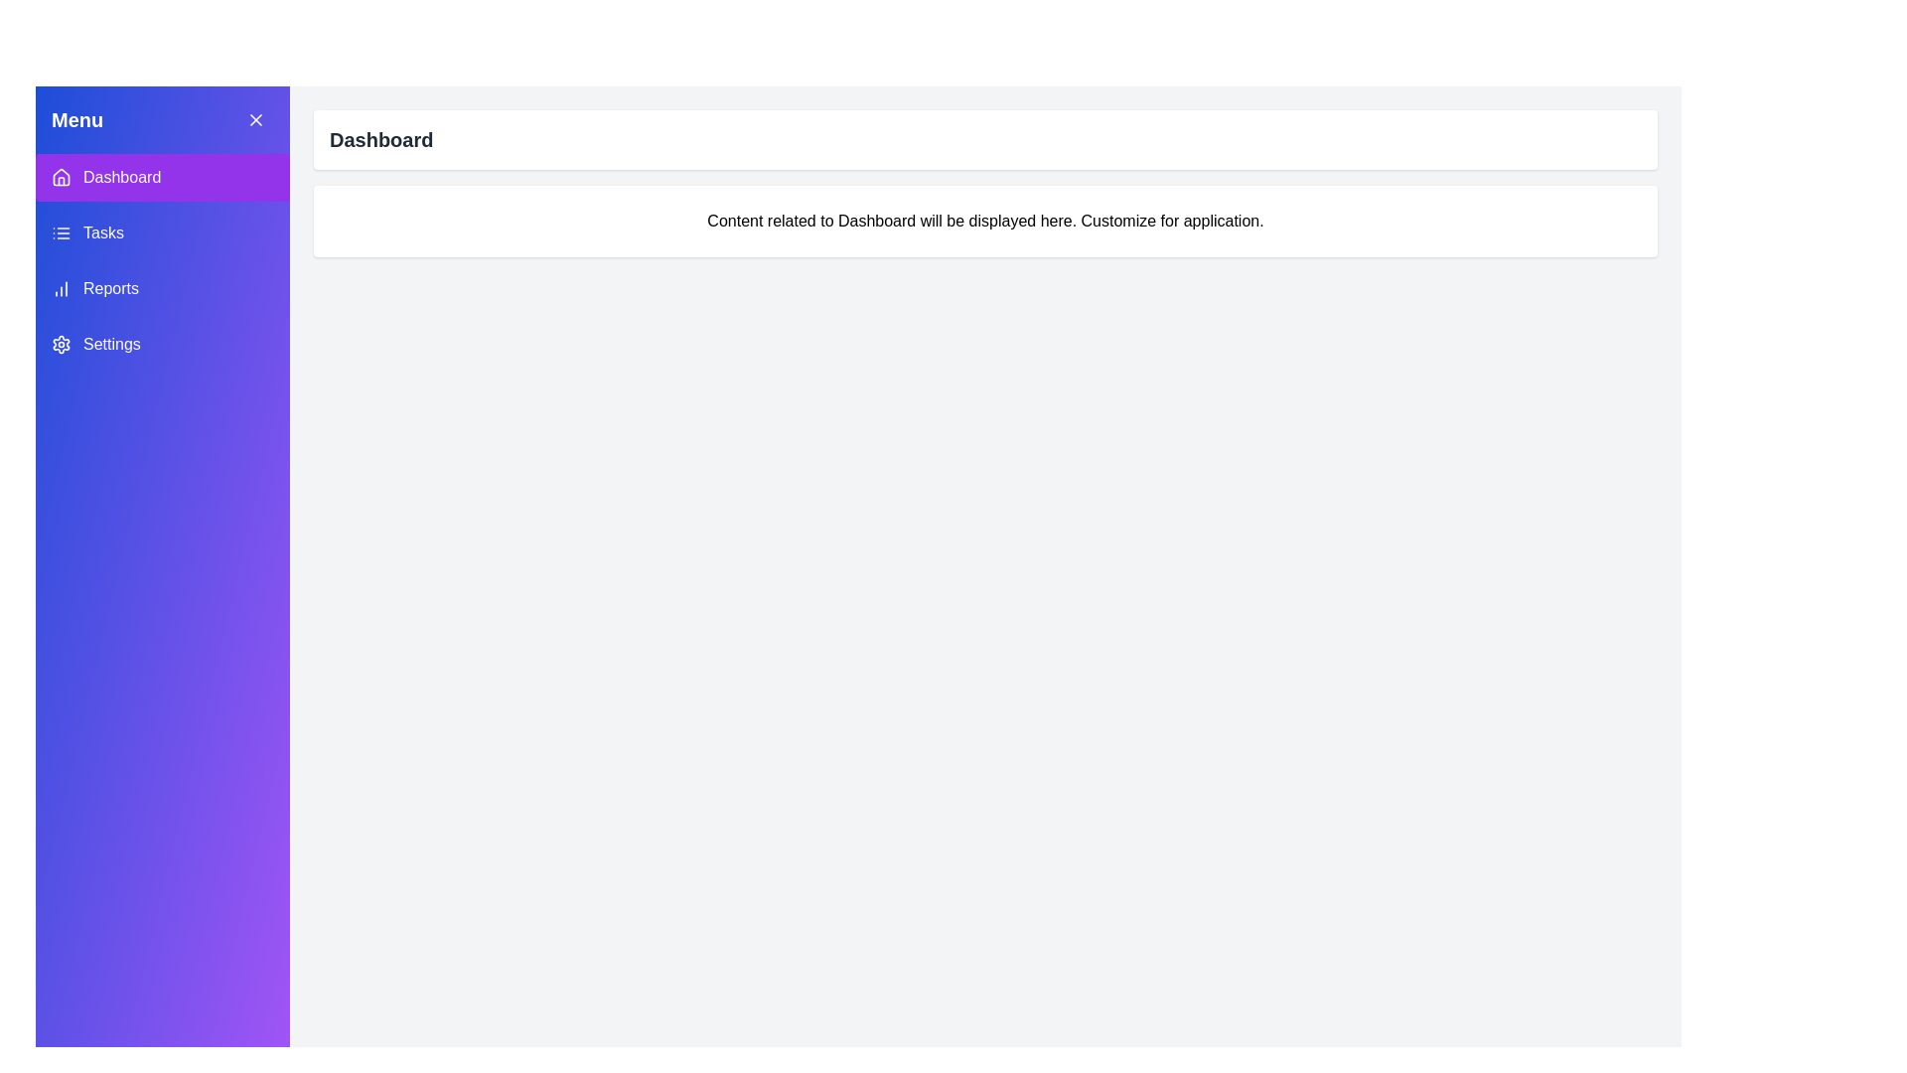 This screenshot has width=1907, height=1073. I want to click on the Dashboard item in the menu to select it, so click(162, 176).